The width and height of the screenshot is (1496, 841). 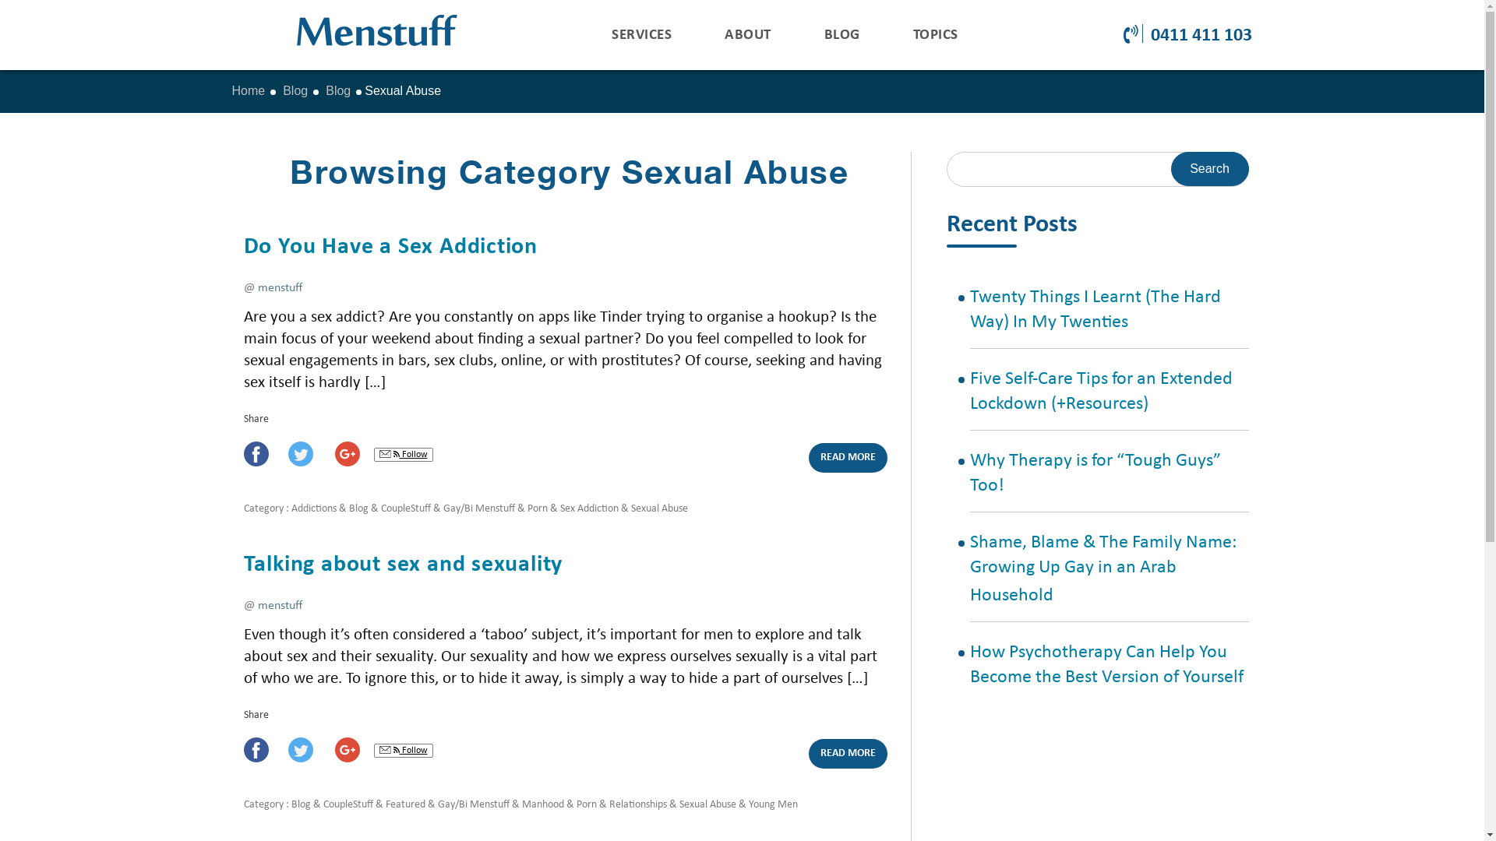 What do you see at coordinates (1187, 35) in the screenshot?
I see `'0411 411 103'` at bounding box center [1187, 35].